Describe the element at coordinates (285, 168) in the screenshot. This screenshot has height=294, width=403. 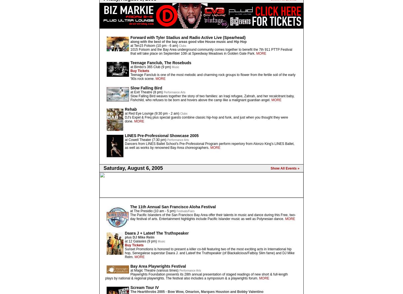
I see `'Show All Events »'` at that location.